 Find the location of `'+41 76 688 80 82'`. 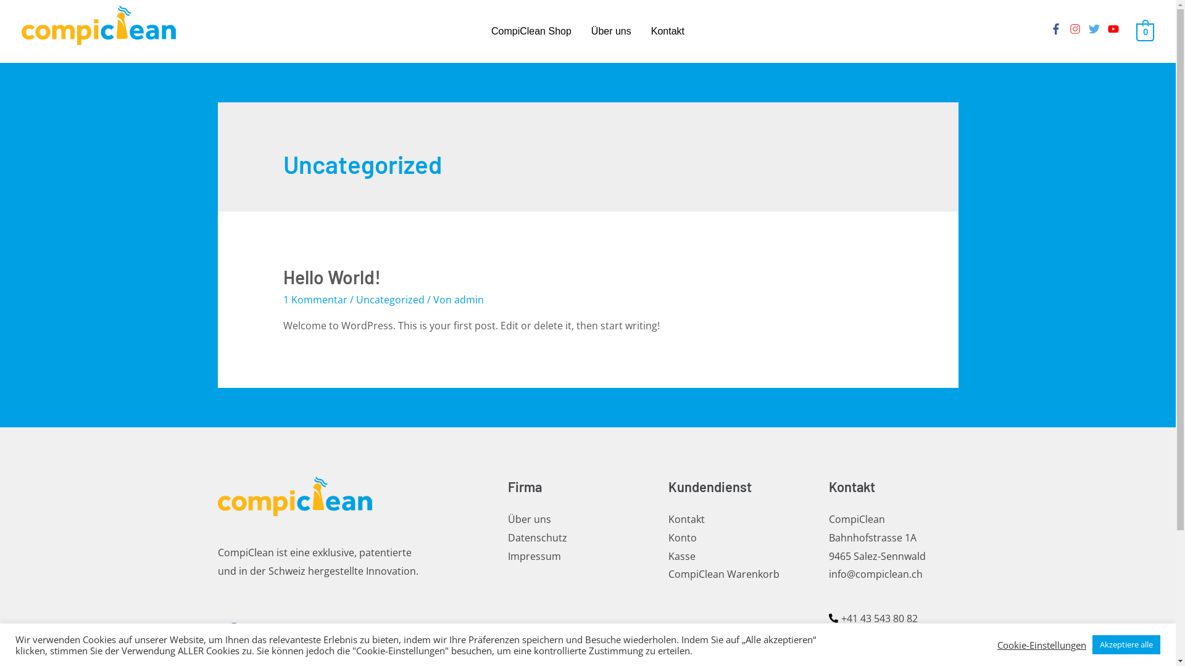

'+41 76 688 80 82' is located at coordinates (872, 635).